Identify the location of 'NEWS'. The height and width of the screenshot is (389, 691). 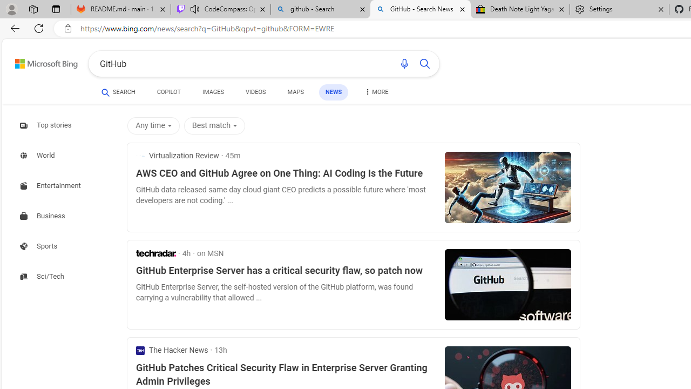
(333, 92).